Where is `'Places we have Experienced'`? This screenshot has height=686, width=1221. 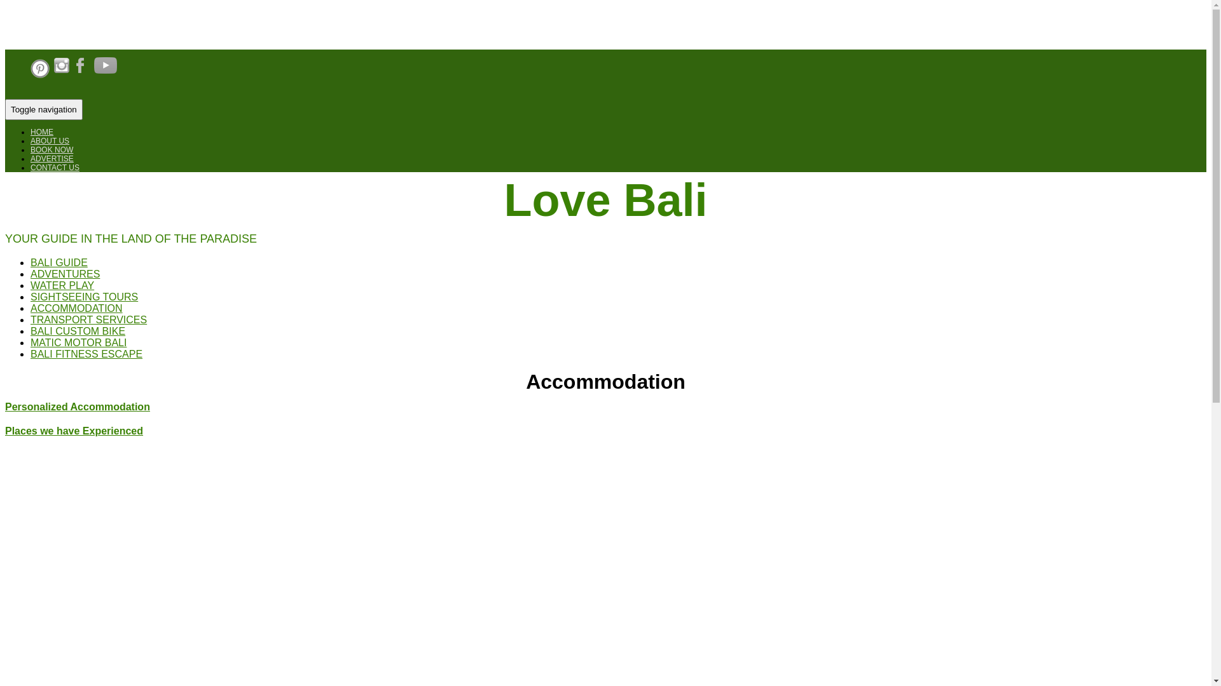
'Places we have Experienced' is located at coordinates (73, 430).